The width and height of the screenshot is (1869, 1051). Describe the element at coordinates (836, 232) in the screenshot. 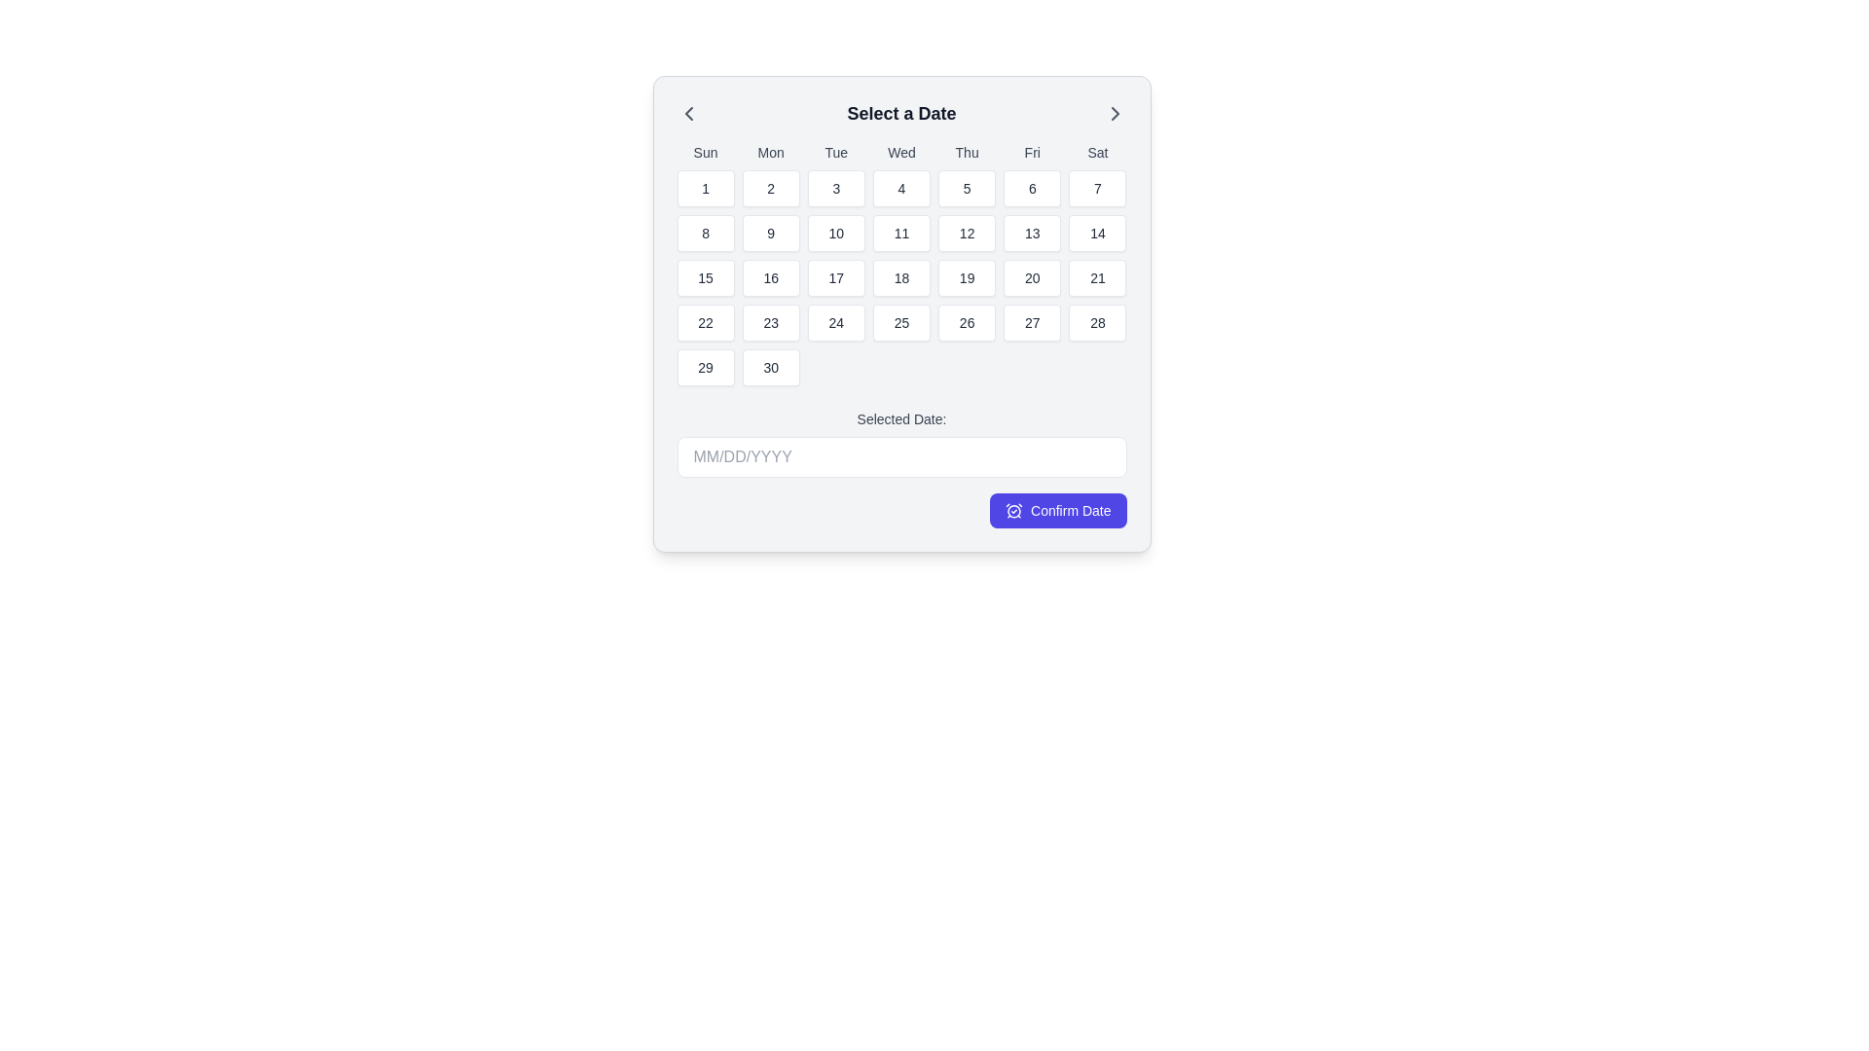

I see `the square button displaying the number '10' in a calendar grid layout under the heading 'Tue'` at that location.